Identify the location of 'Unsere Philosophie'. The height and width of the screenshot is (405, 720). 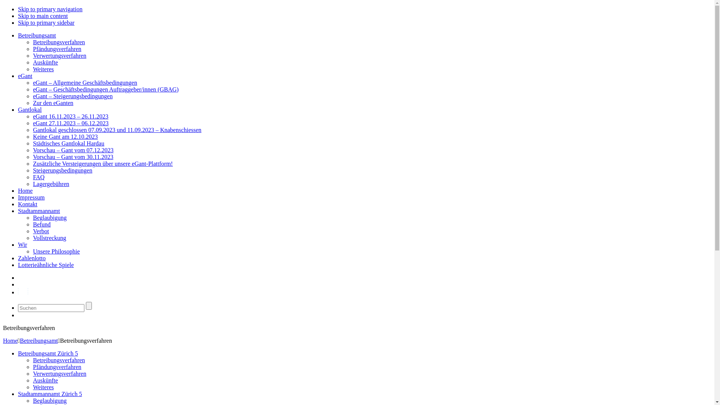
(56, 251).